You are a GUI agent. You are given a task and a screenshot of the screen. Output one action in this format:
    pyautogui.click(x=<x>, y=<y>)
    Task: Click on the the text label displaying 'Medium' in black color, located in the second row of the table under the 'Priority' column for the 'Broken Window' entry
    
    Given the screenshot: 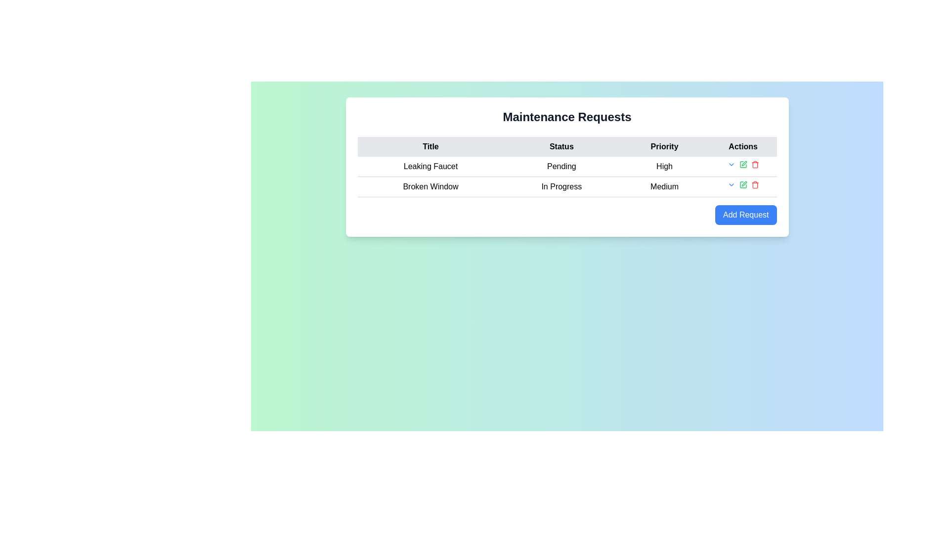 What is the action you would take?
    pyautogui.click(x=664, y=187)
    